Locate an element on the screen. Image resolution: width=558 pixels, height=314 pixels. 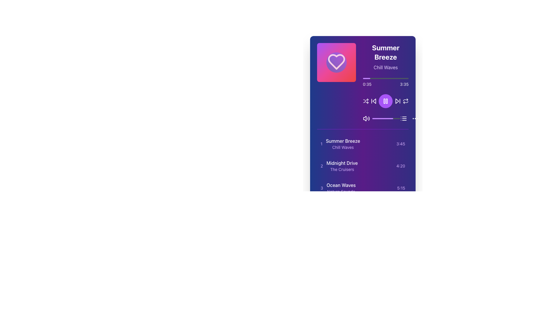
the slider value is located at coordinates (373, 118).